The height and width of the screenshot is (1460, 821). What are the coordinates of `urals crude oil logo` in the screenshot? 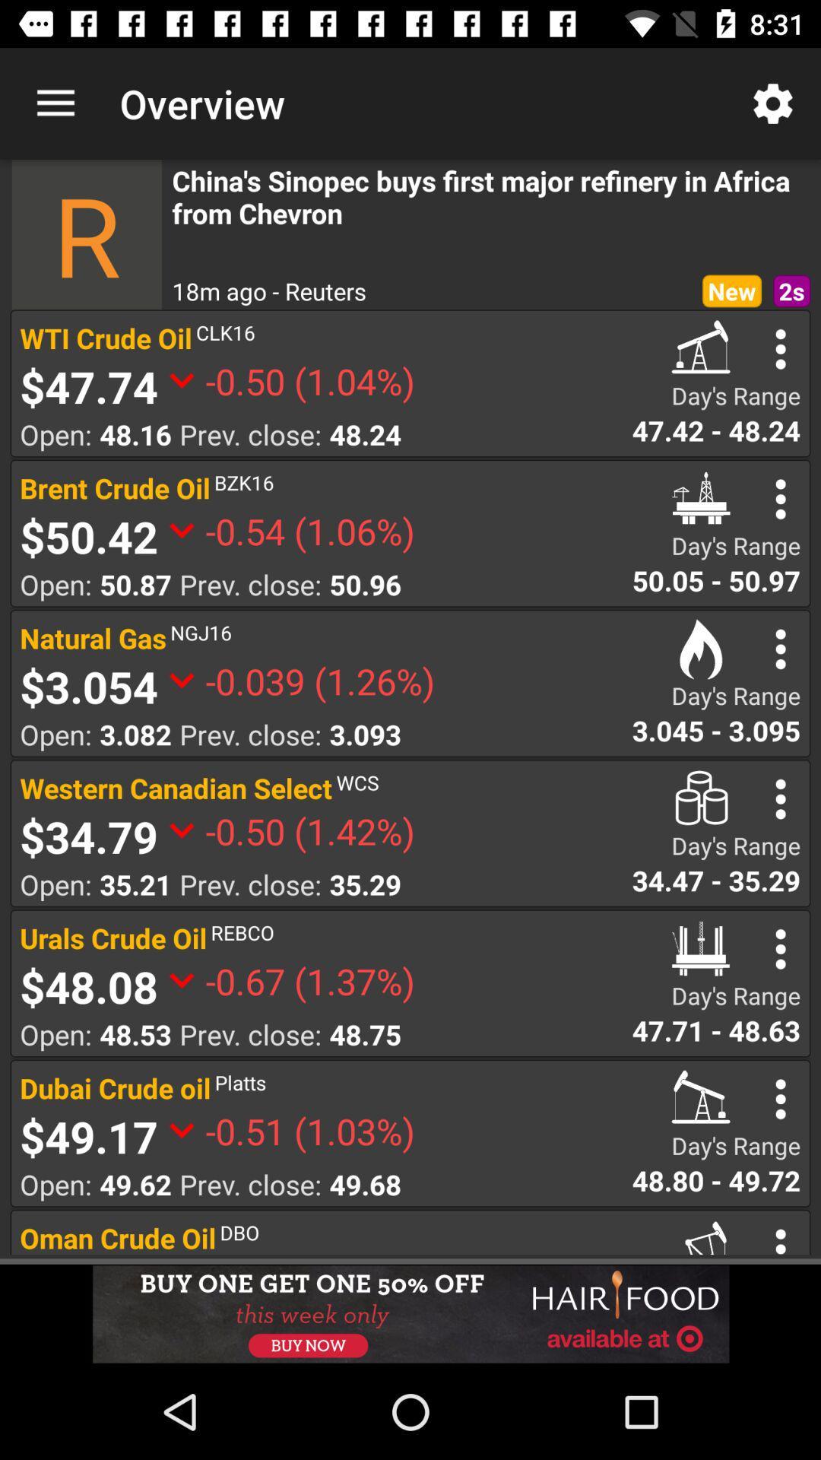 It's located at (701, 948).